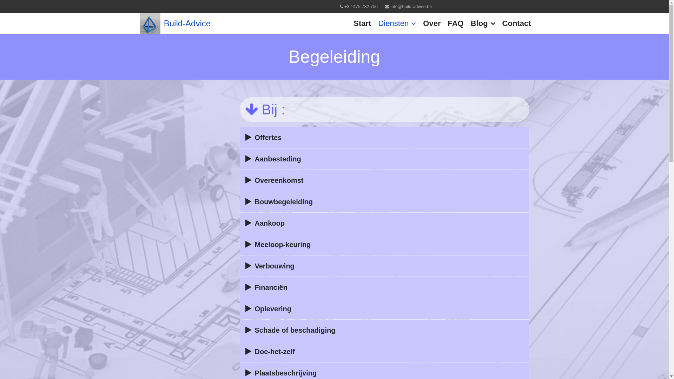 The width and height of the screenshot is (674, 379). I want to click on 'Start', so click(362, 23).